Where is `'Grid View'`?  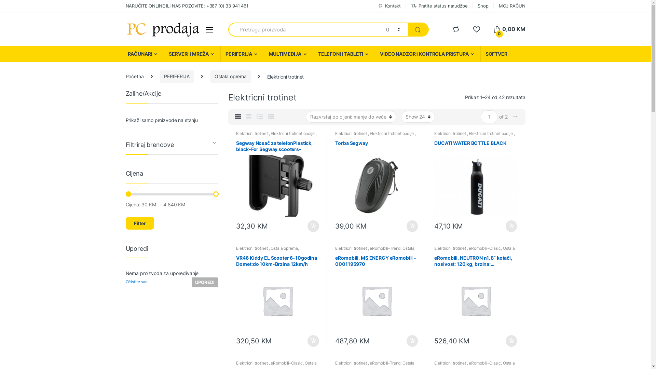
'Grid View' is located at coordinates (235, 117).